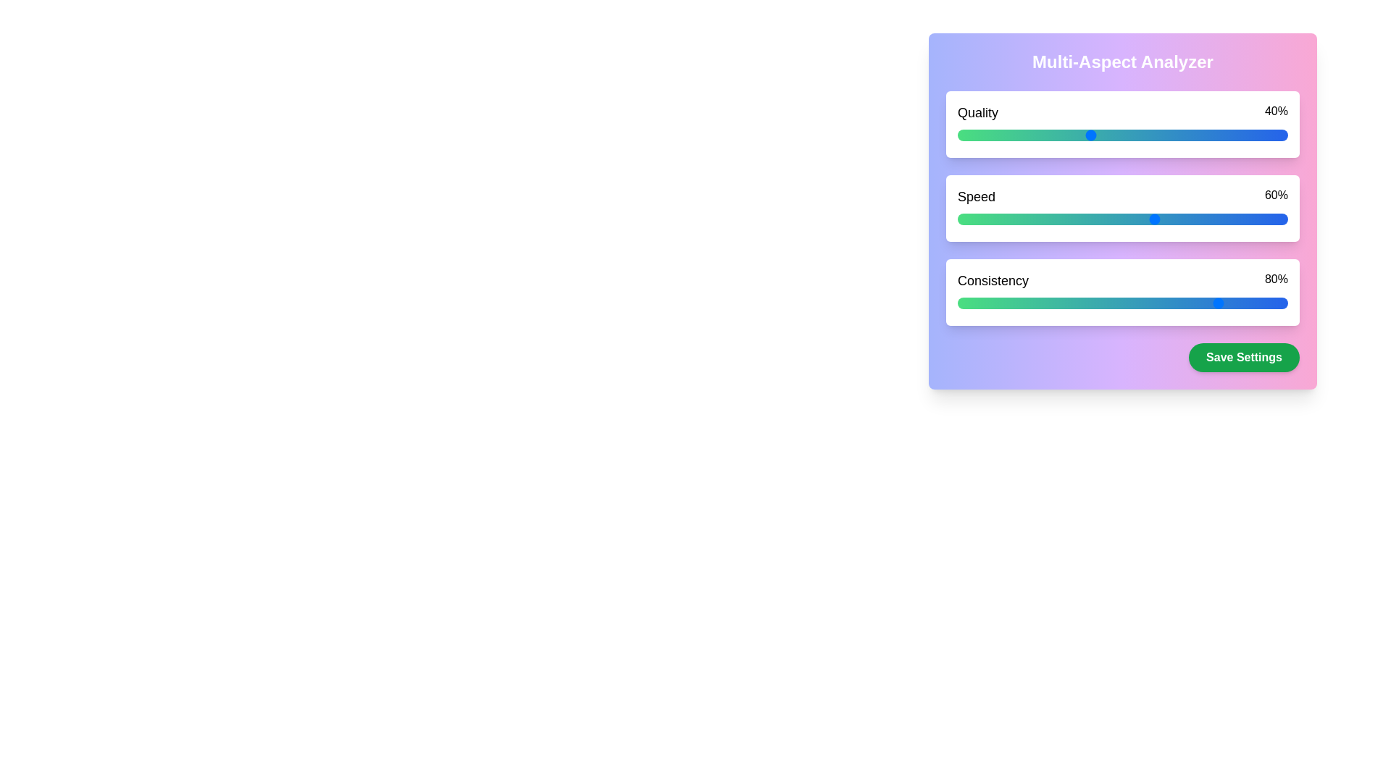  I want to click on the slider value, so click(993, 303).